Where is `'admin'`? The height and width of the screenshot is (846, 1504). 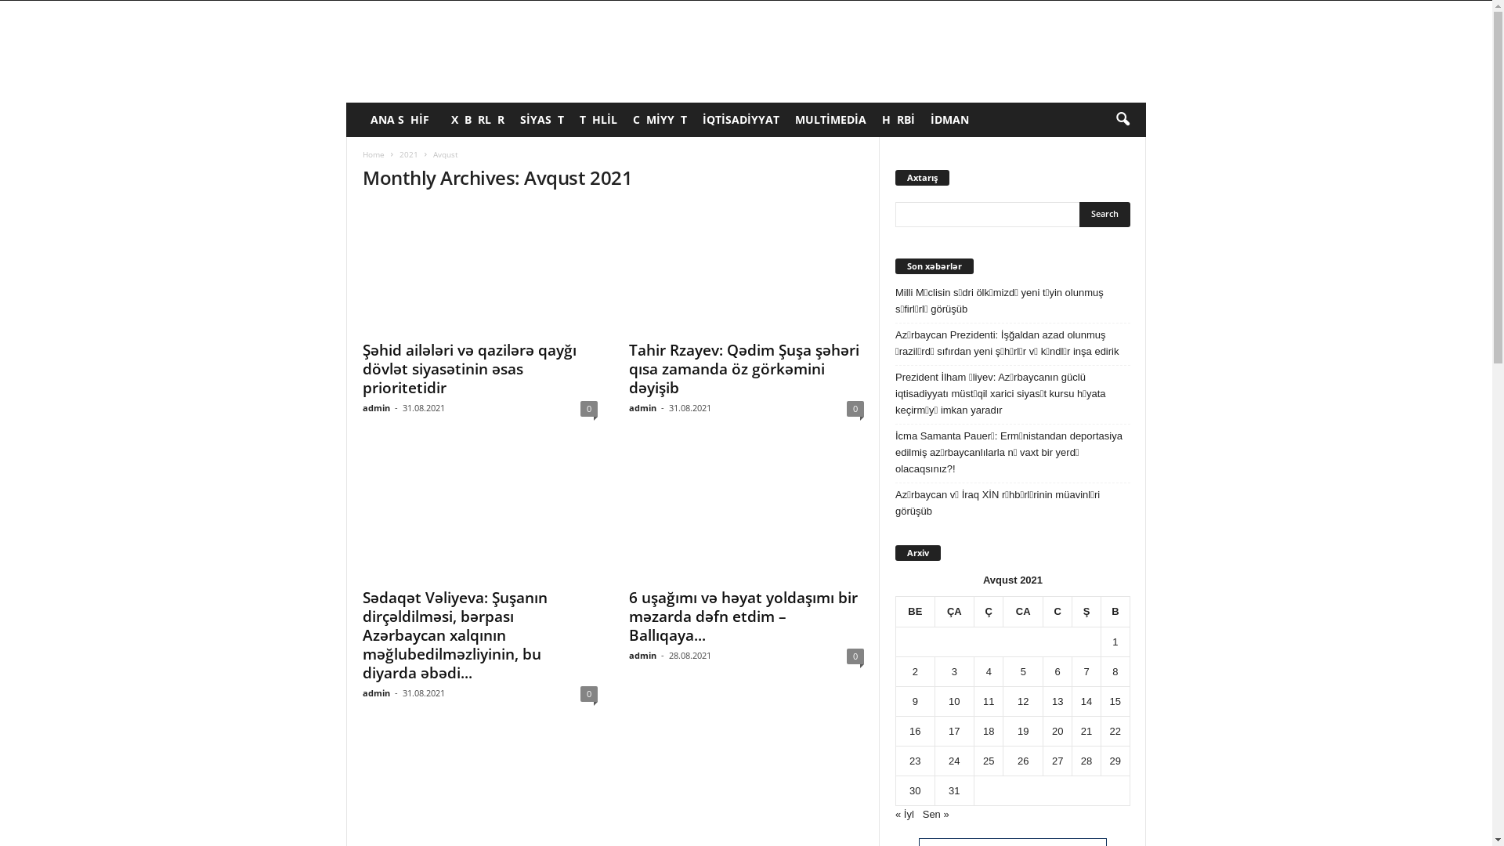
'admin' is located at coordinates (361, 407).